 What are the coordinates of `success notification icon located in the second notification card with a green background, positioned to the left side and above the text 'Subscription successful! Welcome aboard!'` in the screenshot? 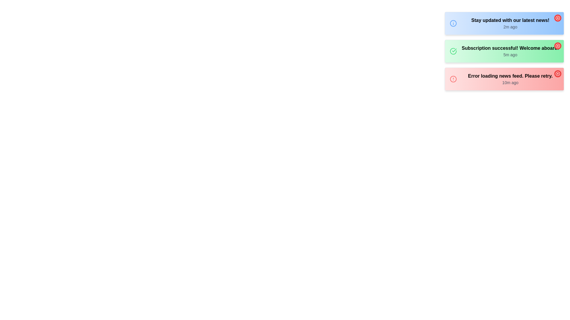 It's located at (453, 51).